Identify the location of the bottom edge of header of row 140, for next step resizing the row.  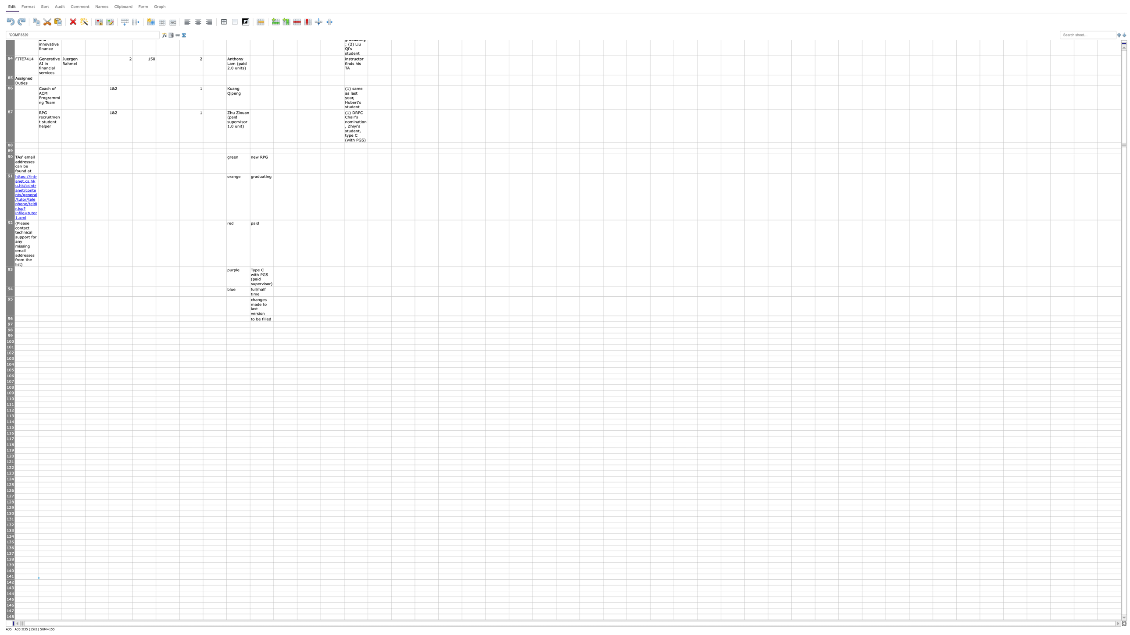
(10, 574).